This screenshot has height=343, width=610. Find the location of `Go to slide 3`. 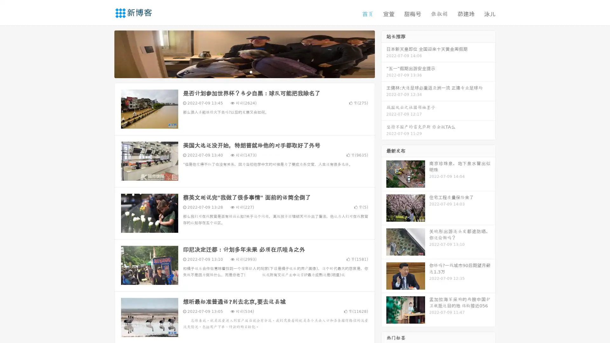

Go to slide 3 is located at coordinates (251, 71).